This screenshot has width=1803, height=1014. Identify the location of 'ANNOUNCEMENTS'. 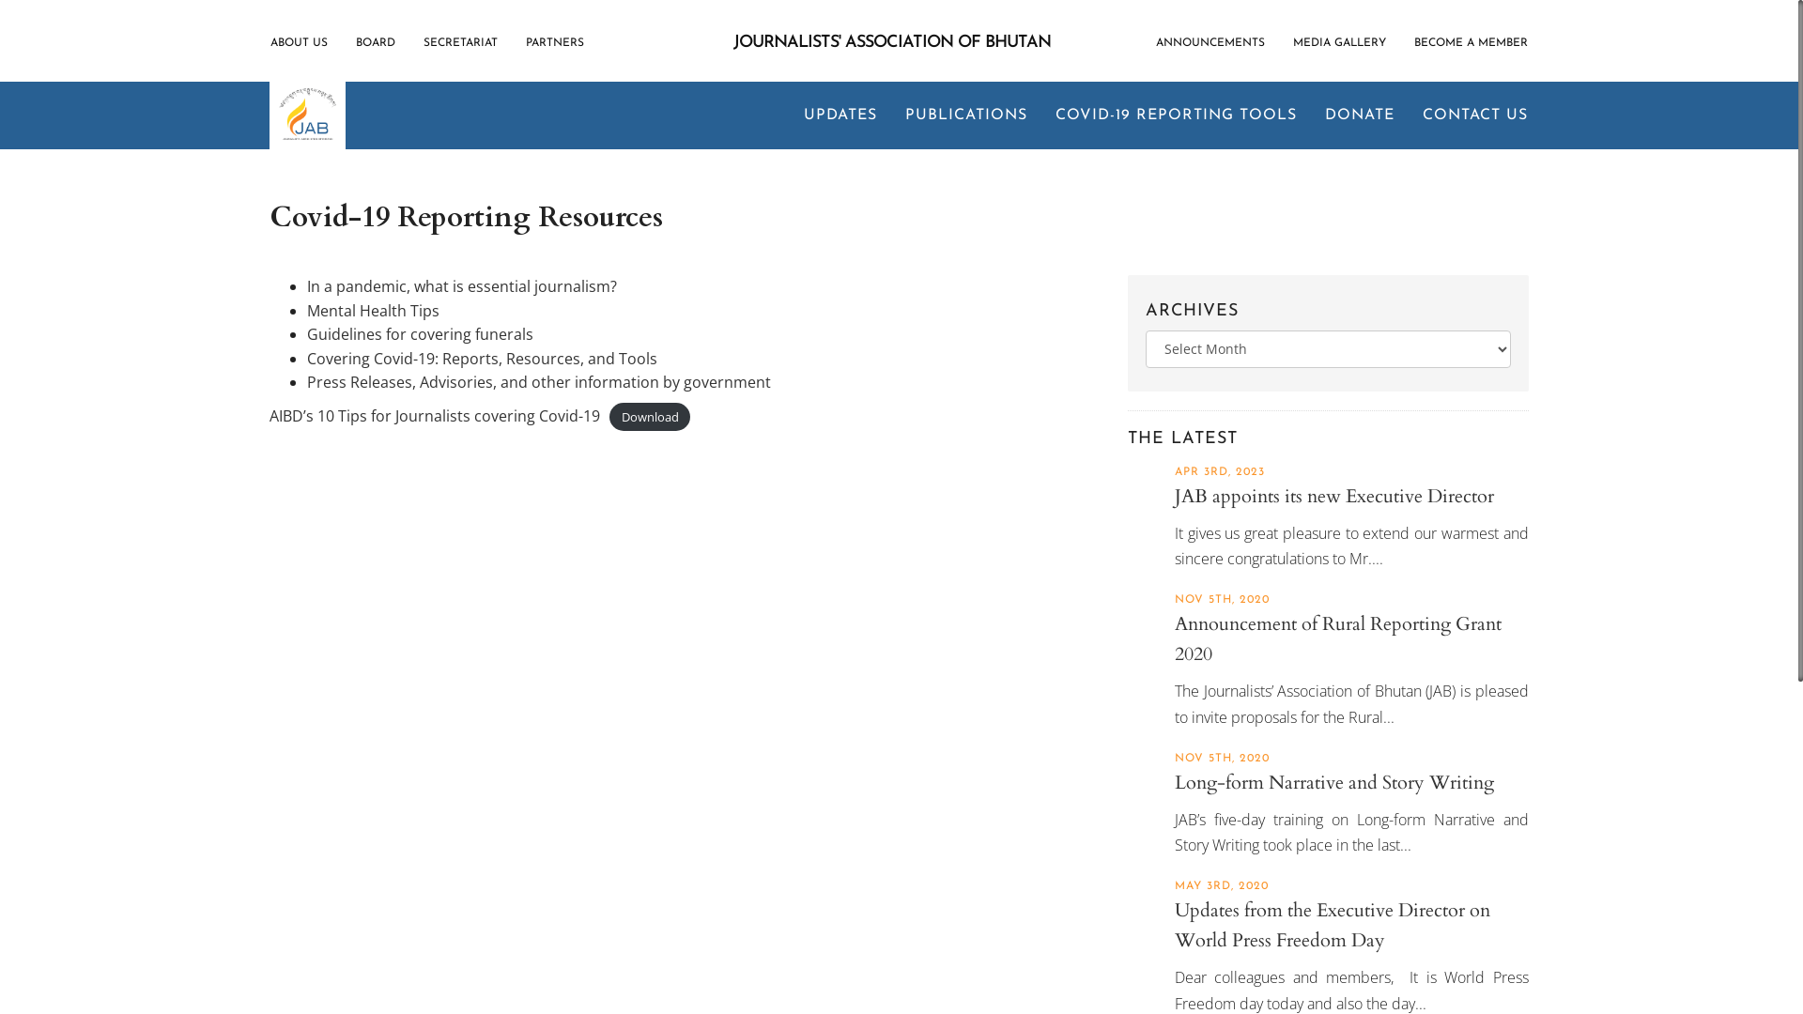
(1217, 42).